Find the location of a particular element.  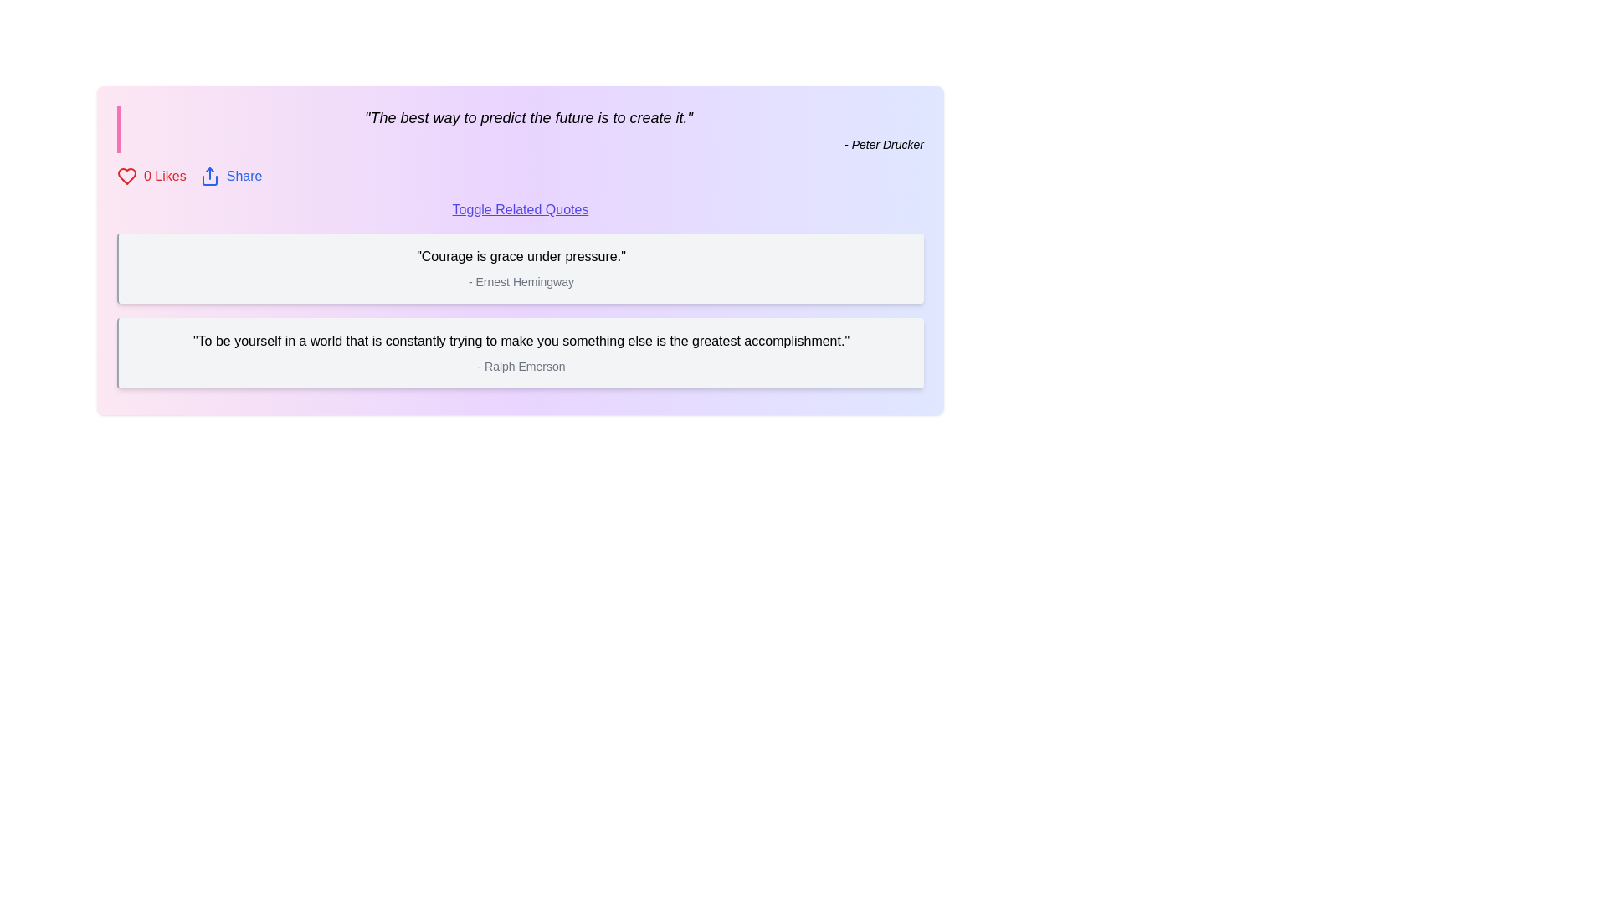

the text block that contains the quote styled with an italic font and a pink vertical border on its left, which reads: '"The best way to predict the future is to create it." - Peter Drucker.' is located at coordinates (520, 128).